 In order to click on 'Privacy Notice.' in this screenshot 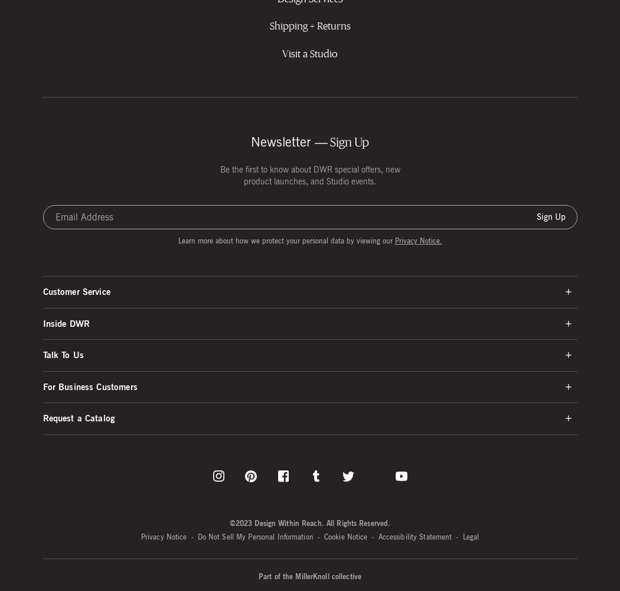, I will do `click(394, 240)`.